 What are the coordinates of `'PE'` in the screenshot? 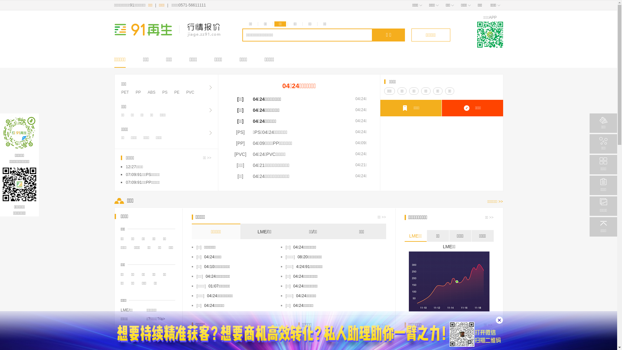 It's located at (177, 92).